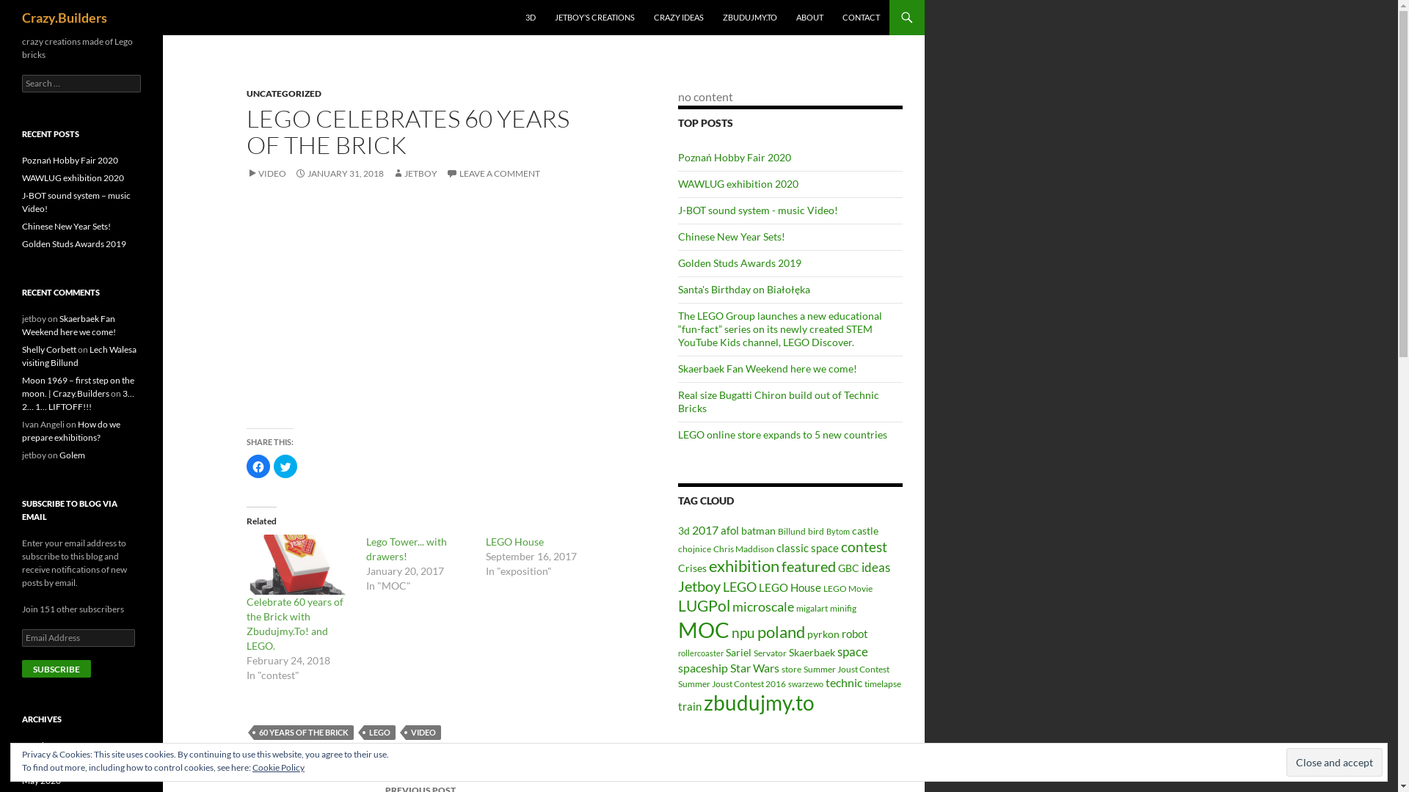 The width and height of the screenshot is (1409, 792). Describe the element at coordinates (703, 628) in the screenshot. I see `'MOC'` at that location.